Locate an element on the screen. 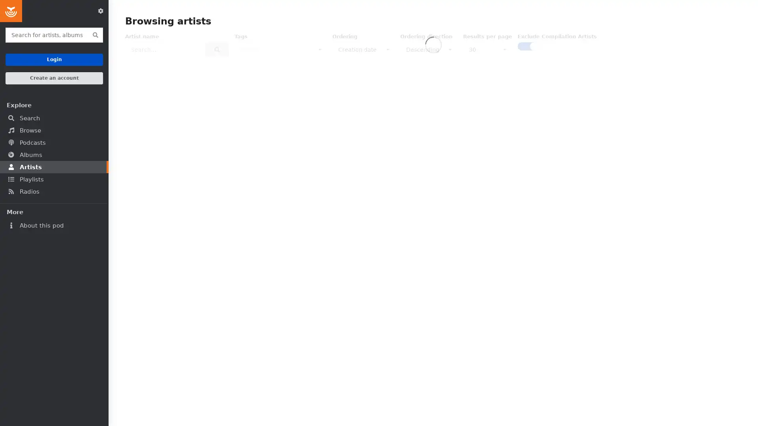 The width and height of the screenshot is (758, 426). Play artist is located at coordinates (448, 271).